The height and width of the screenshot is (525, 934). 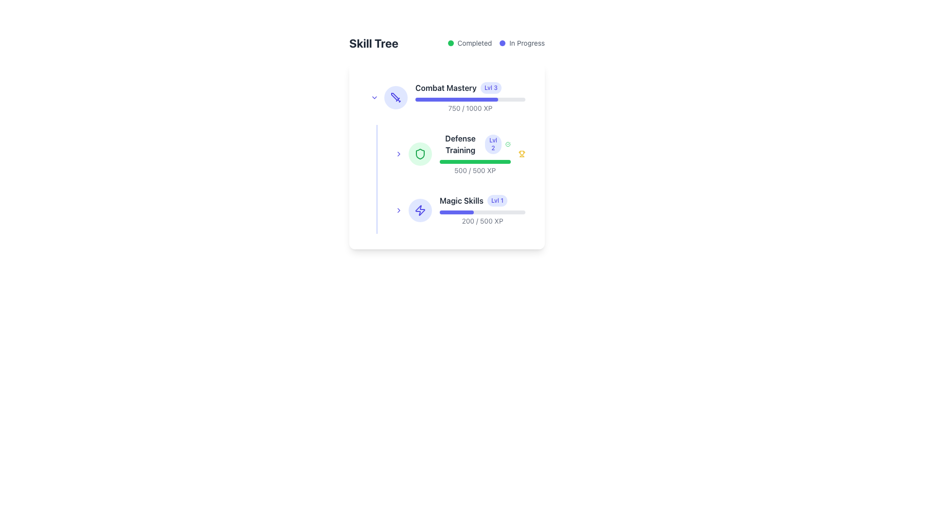 What do you see at coordinates (396, 97) in the screenshot?
I see `the visual context of the 'Combat Mastery' skill category icon, which is the first icon in the skill tree interface, located to the left of the skill bar` at bounding box center [396, 97].